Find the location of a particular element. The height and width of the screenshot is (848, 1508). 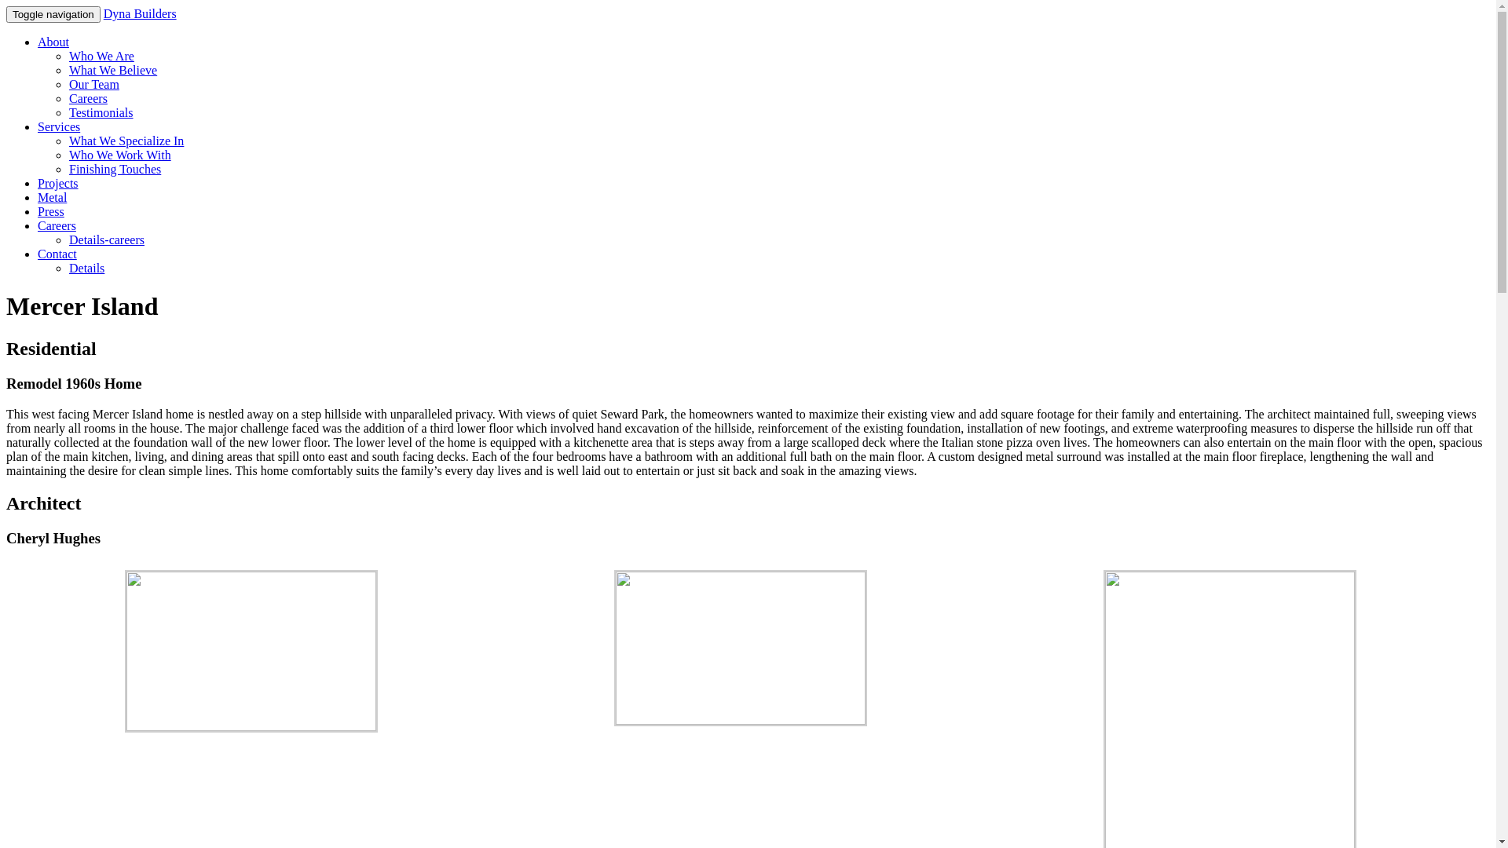

'Details-careers' is located at coordinates (105, 239).